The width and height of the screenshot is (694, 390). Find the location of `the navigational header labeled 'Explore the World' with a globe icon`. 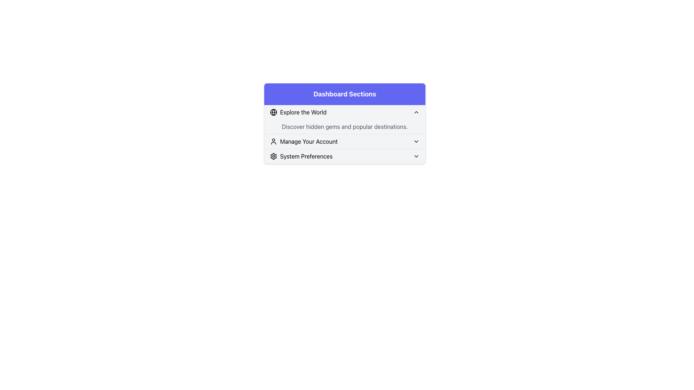

the navigational header labeled 'Explore the World' with a globe icon is located at coordinates (298, 112).